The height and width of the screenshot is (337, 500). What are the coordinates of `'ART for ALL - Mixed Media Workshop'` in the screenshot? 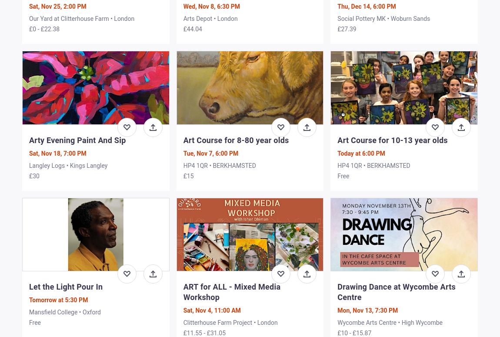 It's located at (232, 291).